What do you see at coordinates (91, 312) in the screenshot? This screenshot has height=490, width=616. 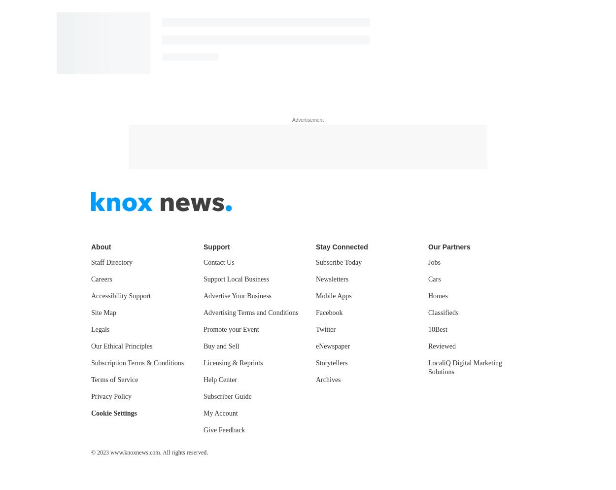 I see `'Site Map'` at bounding box center [91, 312].